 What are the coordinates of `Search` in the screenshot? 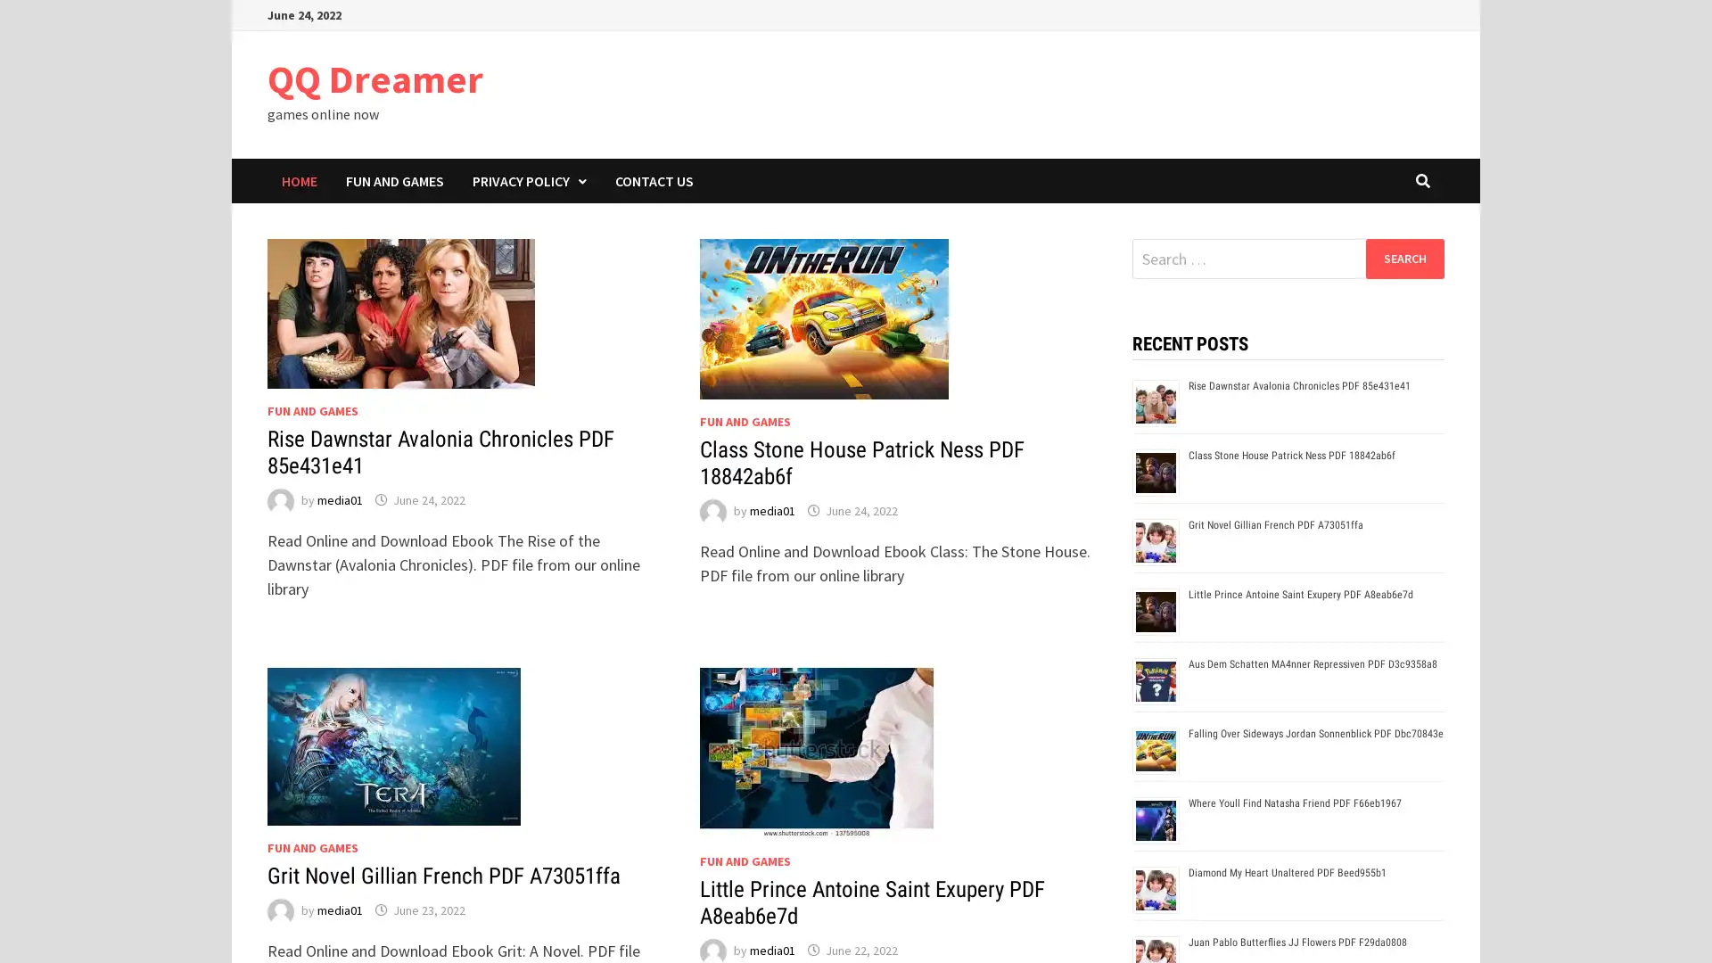 It's located at (1403, 258).